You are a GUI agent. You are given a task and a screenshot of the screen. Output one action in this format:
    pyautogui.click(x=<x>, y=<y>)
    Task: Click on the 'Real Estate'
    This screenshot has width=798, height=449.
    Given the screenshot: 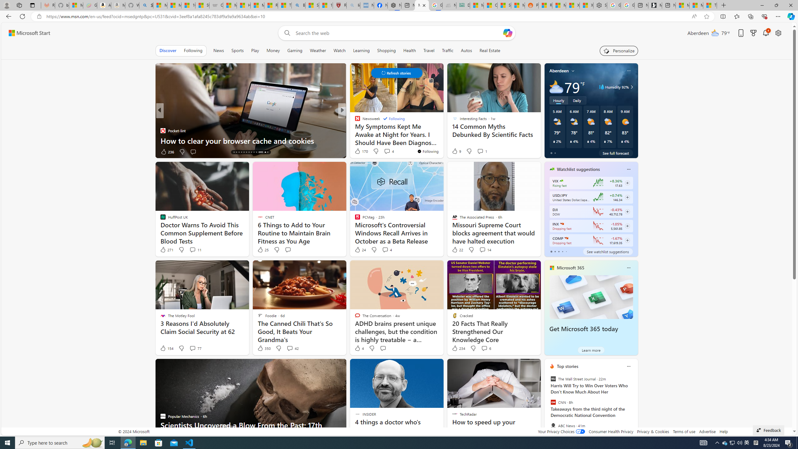 What is the action you would take?
    pyautogui.click(x=489, y=50)
    